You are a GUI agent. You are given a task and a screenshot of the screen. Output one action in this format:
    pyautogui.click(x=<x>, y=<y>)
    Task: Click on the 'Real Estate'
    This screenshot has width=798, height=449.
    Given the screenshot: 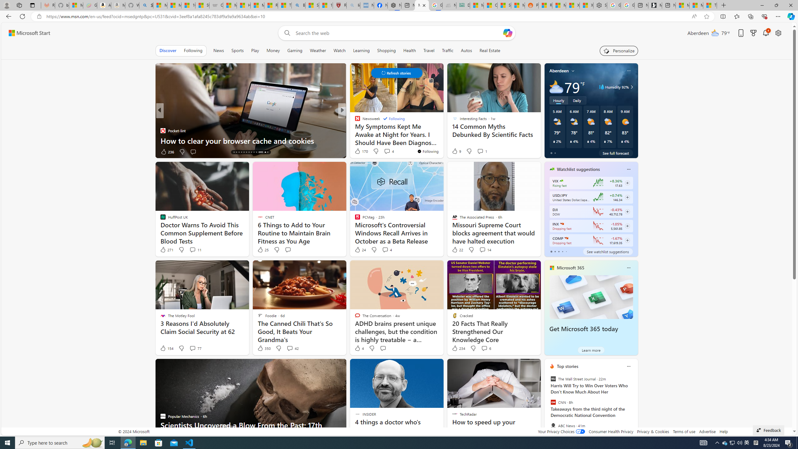 What is the action you would take?
    pyautogui.click(x=489, y=50)
    